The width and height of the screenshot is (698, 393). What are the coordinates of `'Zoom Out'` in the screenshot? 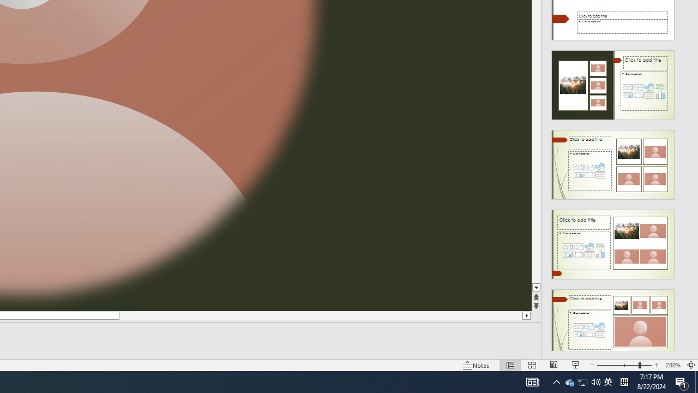 It's located at (617, 365).